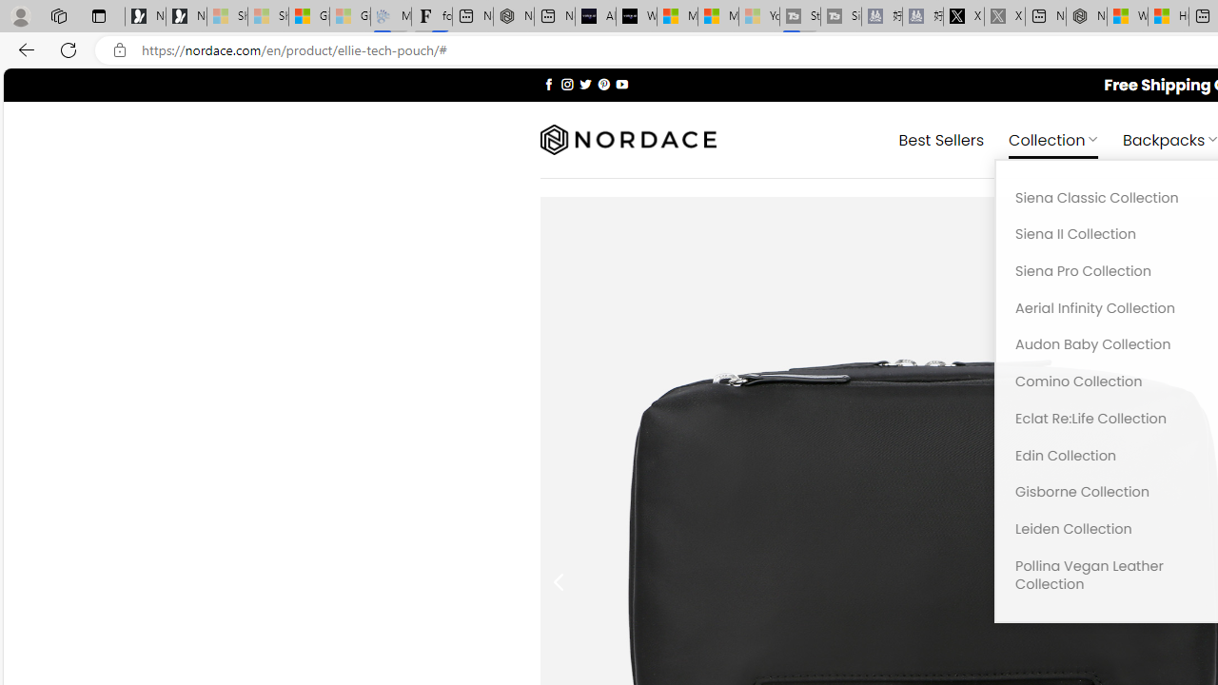 This screenshot has height=685, width=1218. What do you see at coordinates (602, 83) in the screenshot?
I see `'Follow on Pinterest'` at bounding box center [602, 83].